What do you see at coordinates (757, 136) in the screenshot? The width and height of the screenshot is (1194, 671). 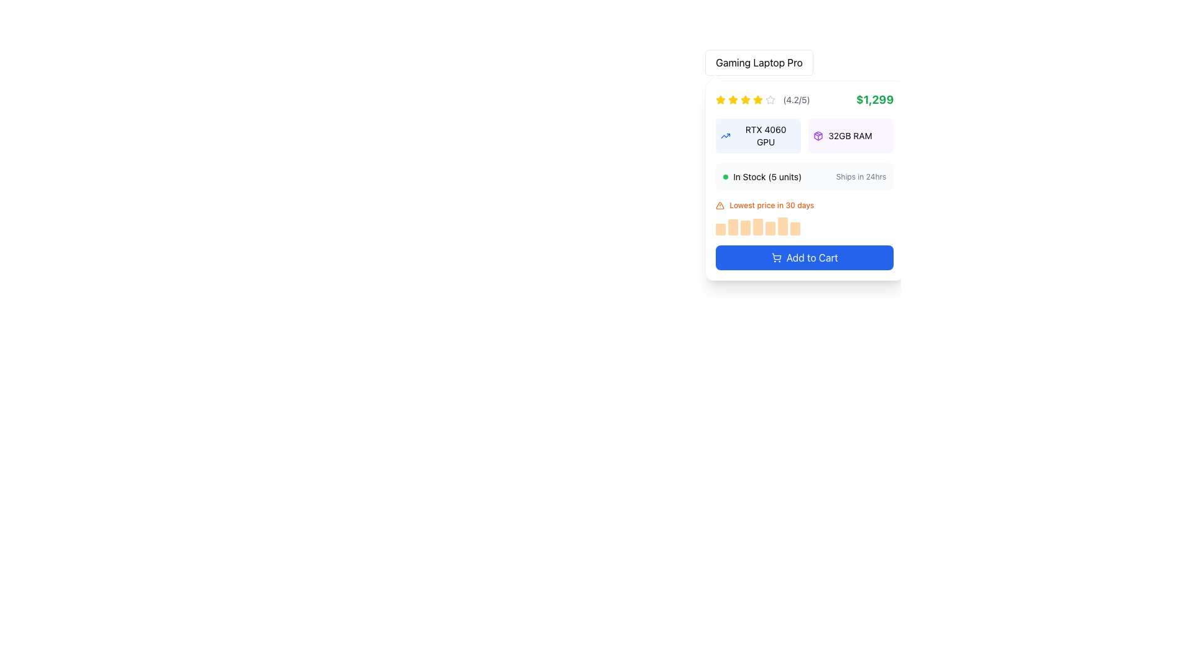 I see `the informational tag labeled 'RTX 4060 GPU' which has a light blue background and an upward trending arrow icon` at bounding box center [757, 136].